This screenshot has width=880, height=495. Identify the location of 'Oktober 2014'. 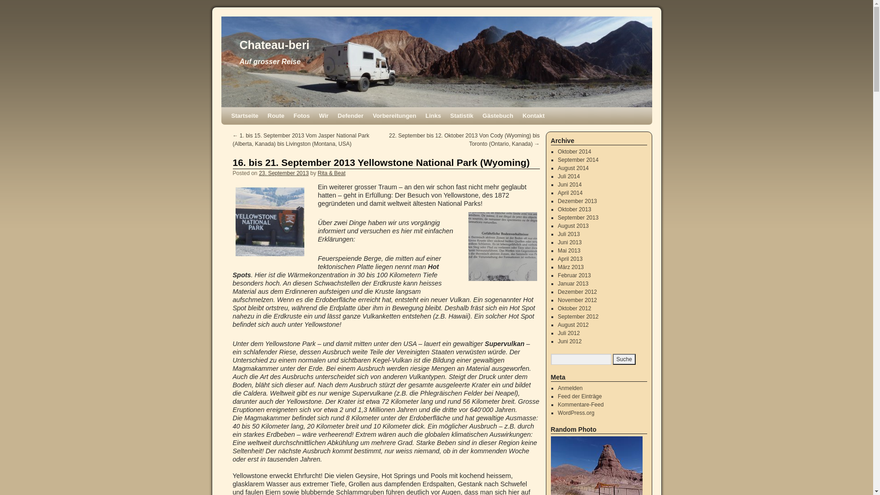
(574, 151).